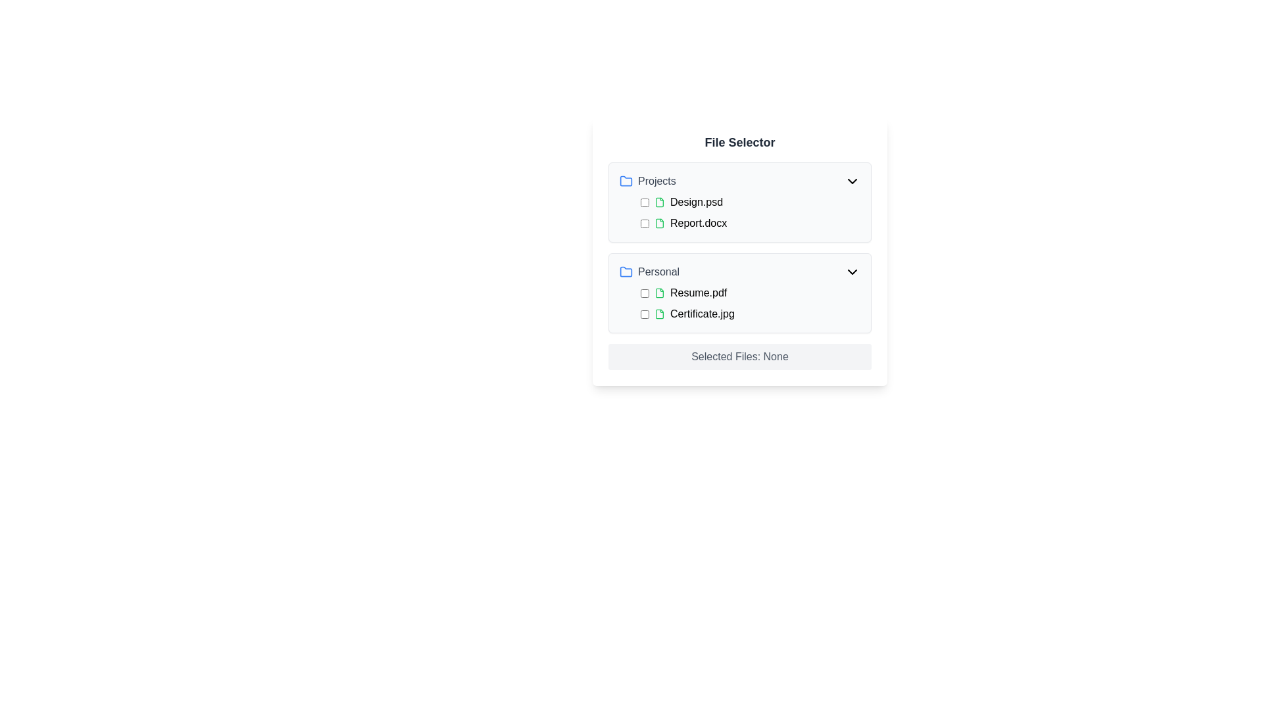  I want to click on the checkbox aligned to the left of 'Design.psd', so click(645, 202).